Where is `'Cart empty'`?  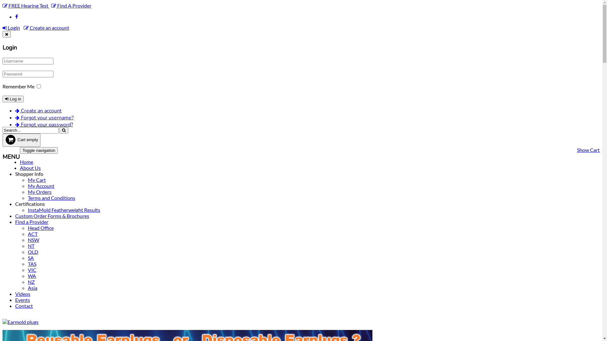 'Cart empty' is located at coordinates (21, 140).